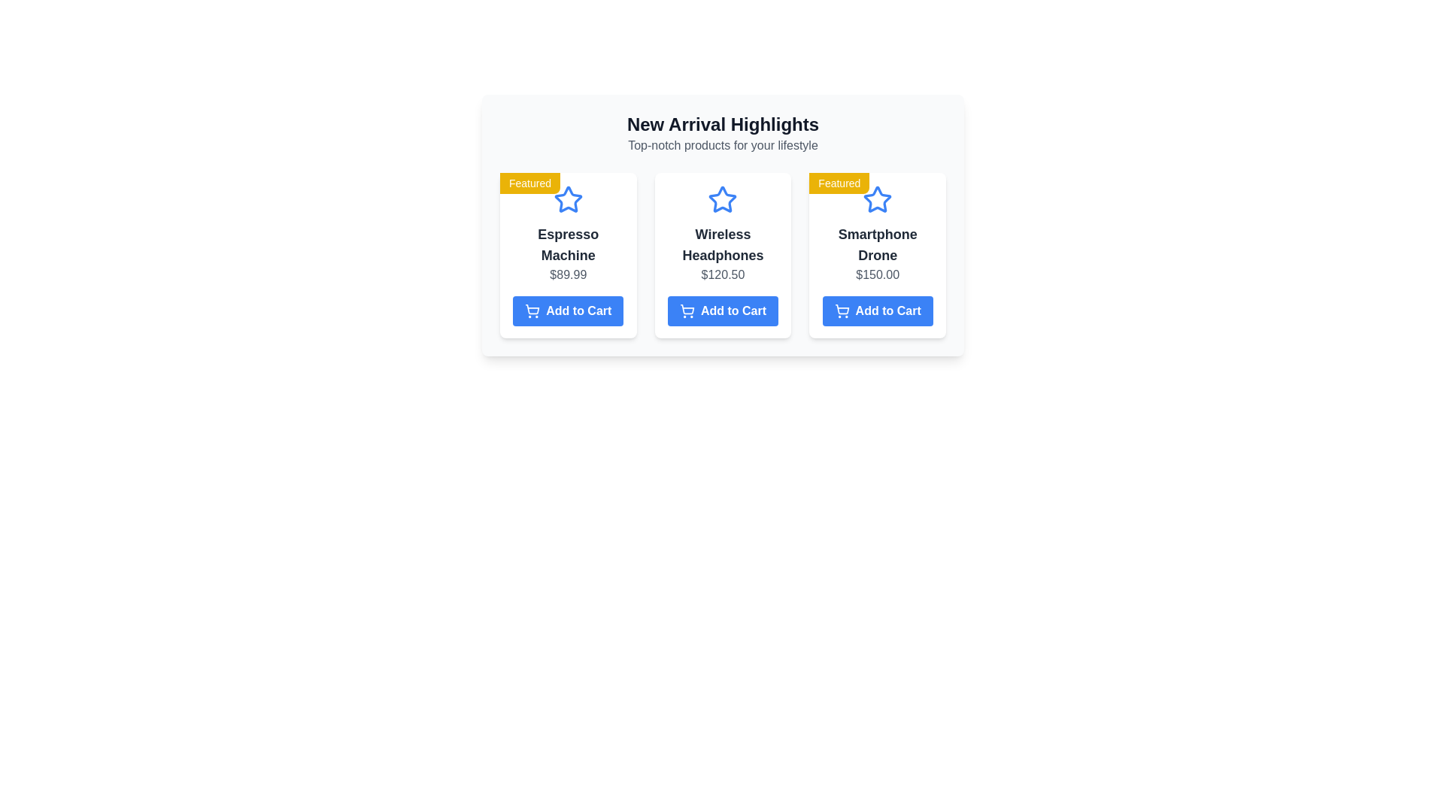 This screenshot has width=1444, height=812. I want to click on the static text label displaying the price of 'Wireless Headphones', located above the 'Add to Cart' button, so click(723, 275).